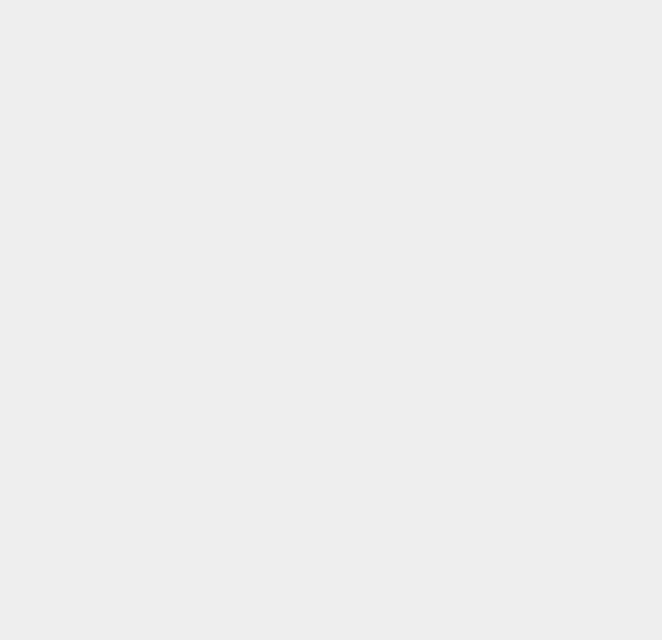 The height and width of the screenshot is (640, 662). I want to click on 'IPO', so click(468, 20).